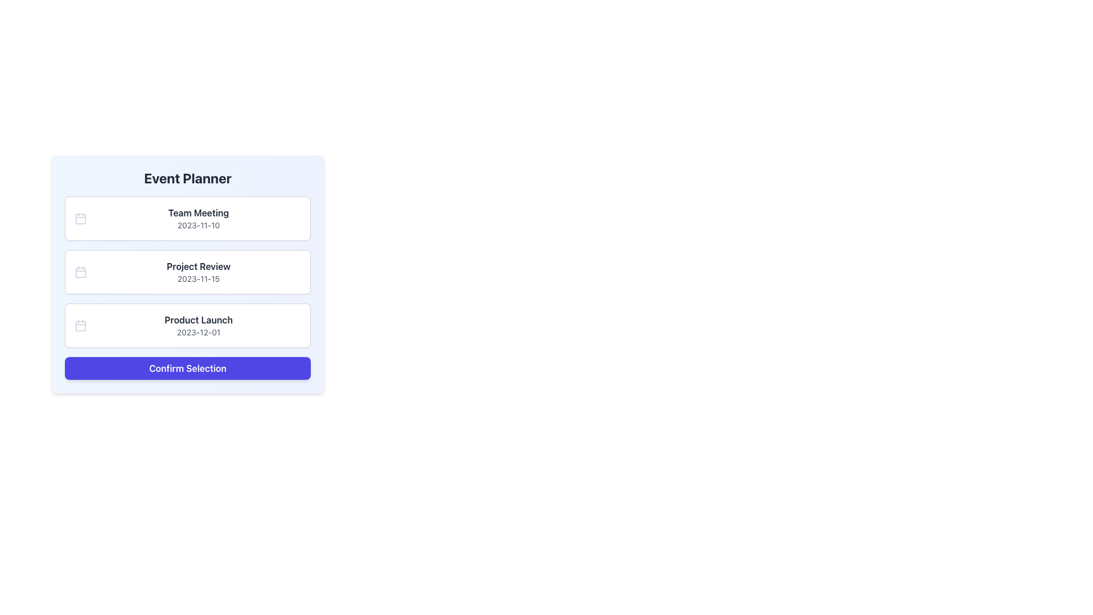 The height and width of the screenshot is (615, 1093). I want to click on the first selectable card, so click(188, 219).